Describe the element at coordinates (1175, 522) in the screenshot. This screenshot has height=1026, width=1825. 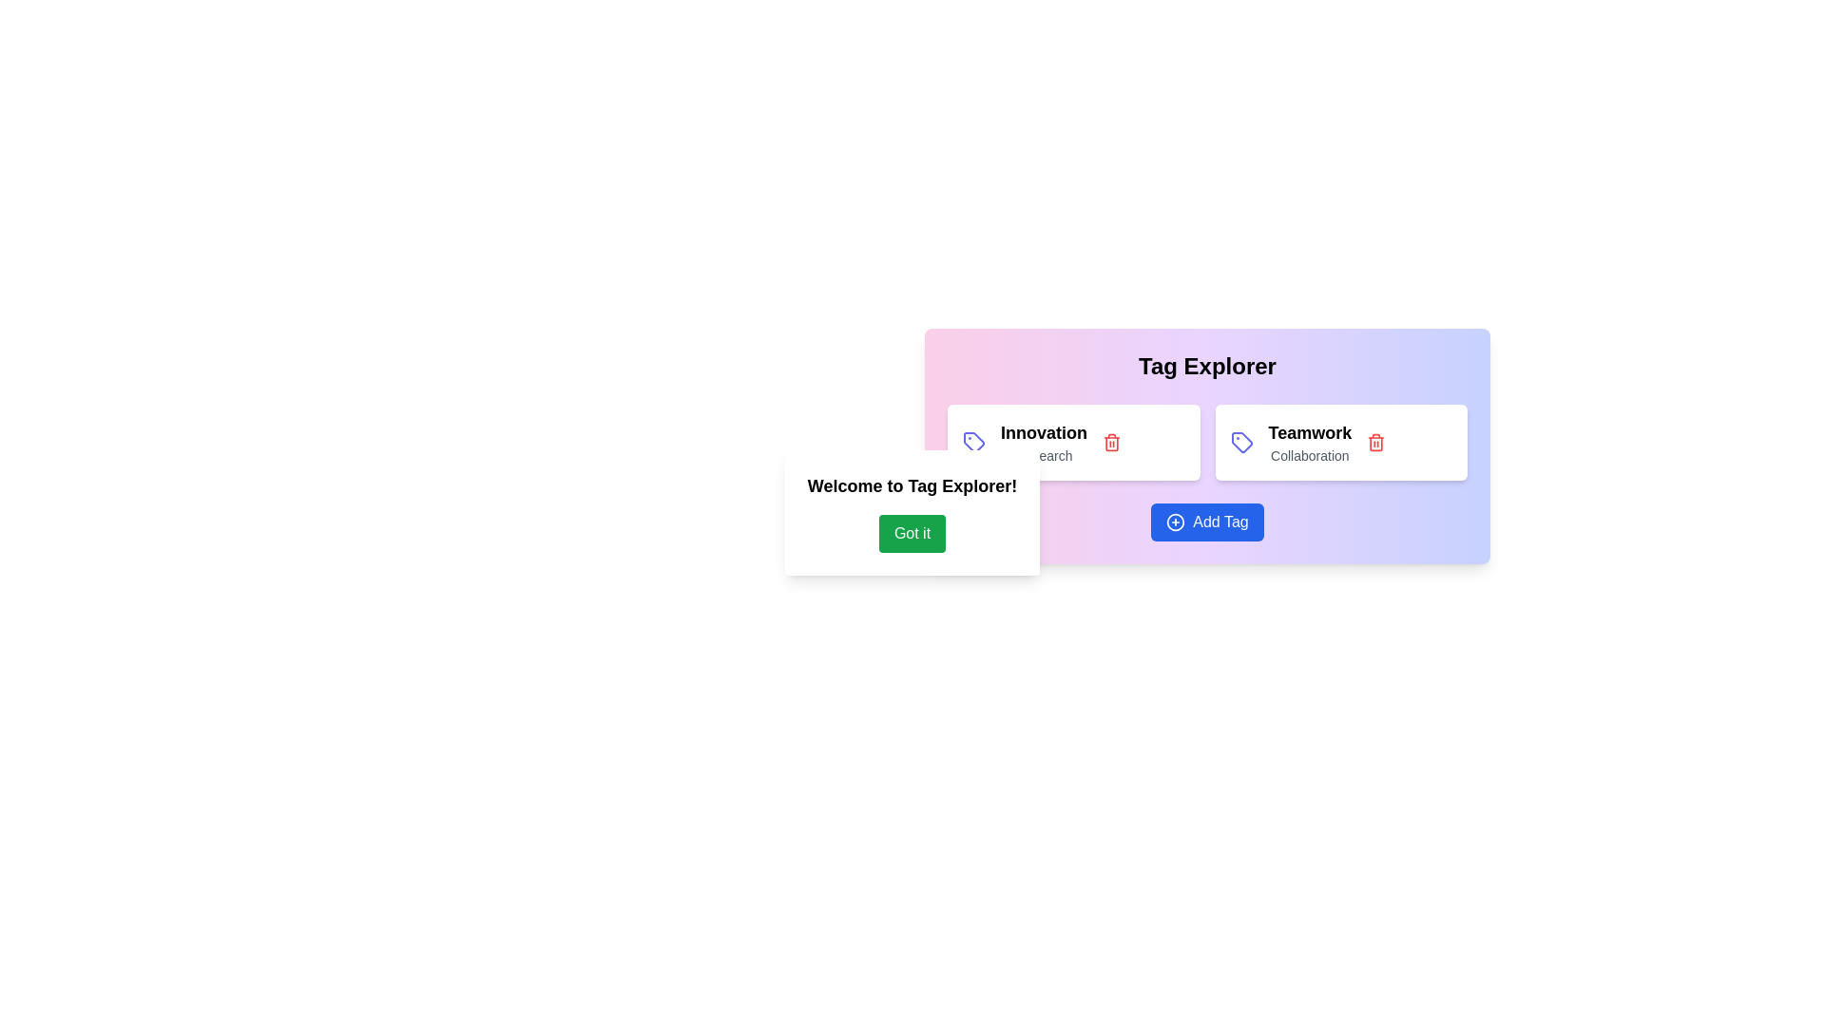
I see `the decorative hollow circle within the 'Add Tag' button located at the bottom-right corner of the 'Tag Explorer' interface` at that location.